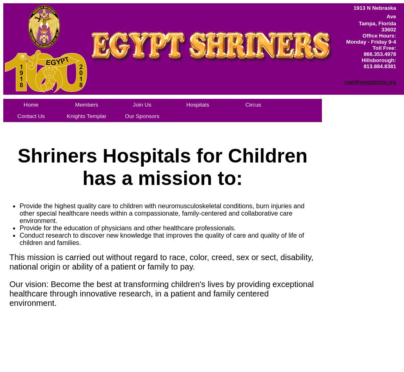  Describe the element at coordinates (370, 81) in the screenshot. I see `'mail@egyptshrine.org'` at that location.